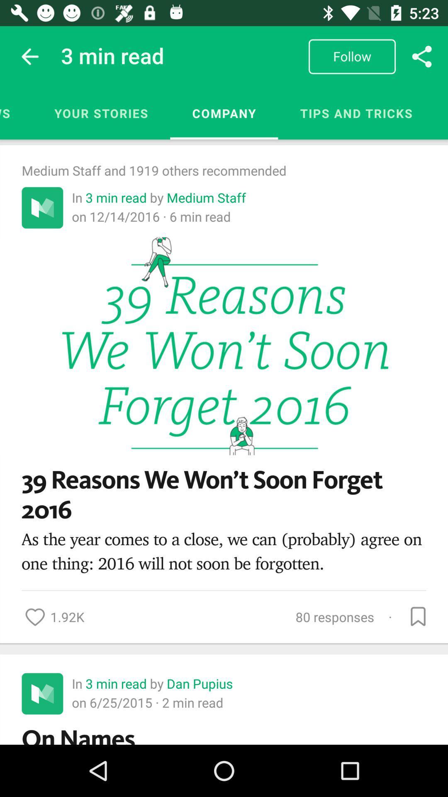 Image resolution: width=448 pixels, height=797 pixels. I want to click on the green icon which is at the bottom left corner of the page, so click(42, 694).